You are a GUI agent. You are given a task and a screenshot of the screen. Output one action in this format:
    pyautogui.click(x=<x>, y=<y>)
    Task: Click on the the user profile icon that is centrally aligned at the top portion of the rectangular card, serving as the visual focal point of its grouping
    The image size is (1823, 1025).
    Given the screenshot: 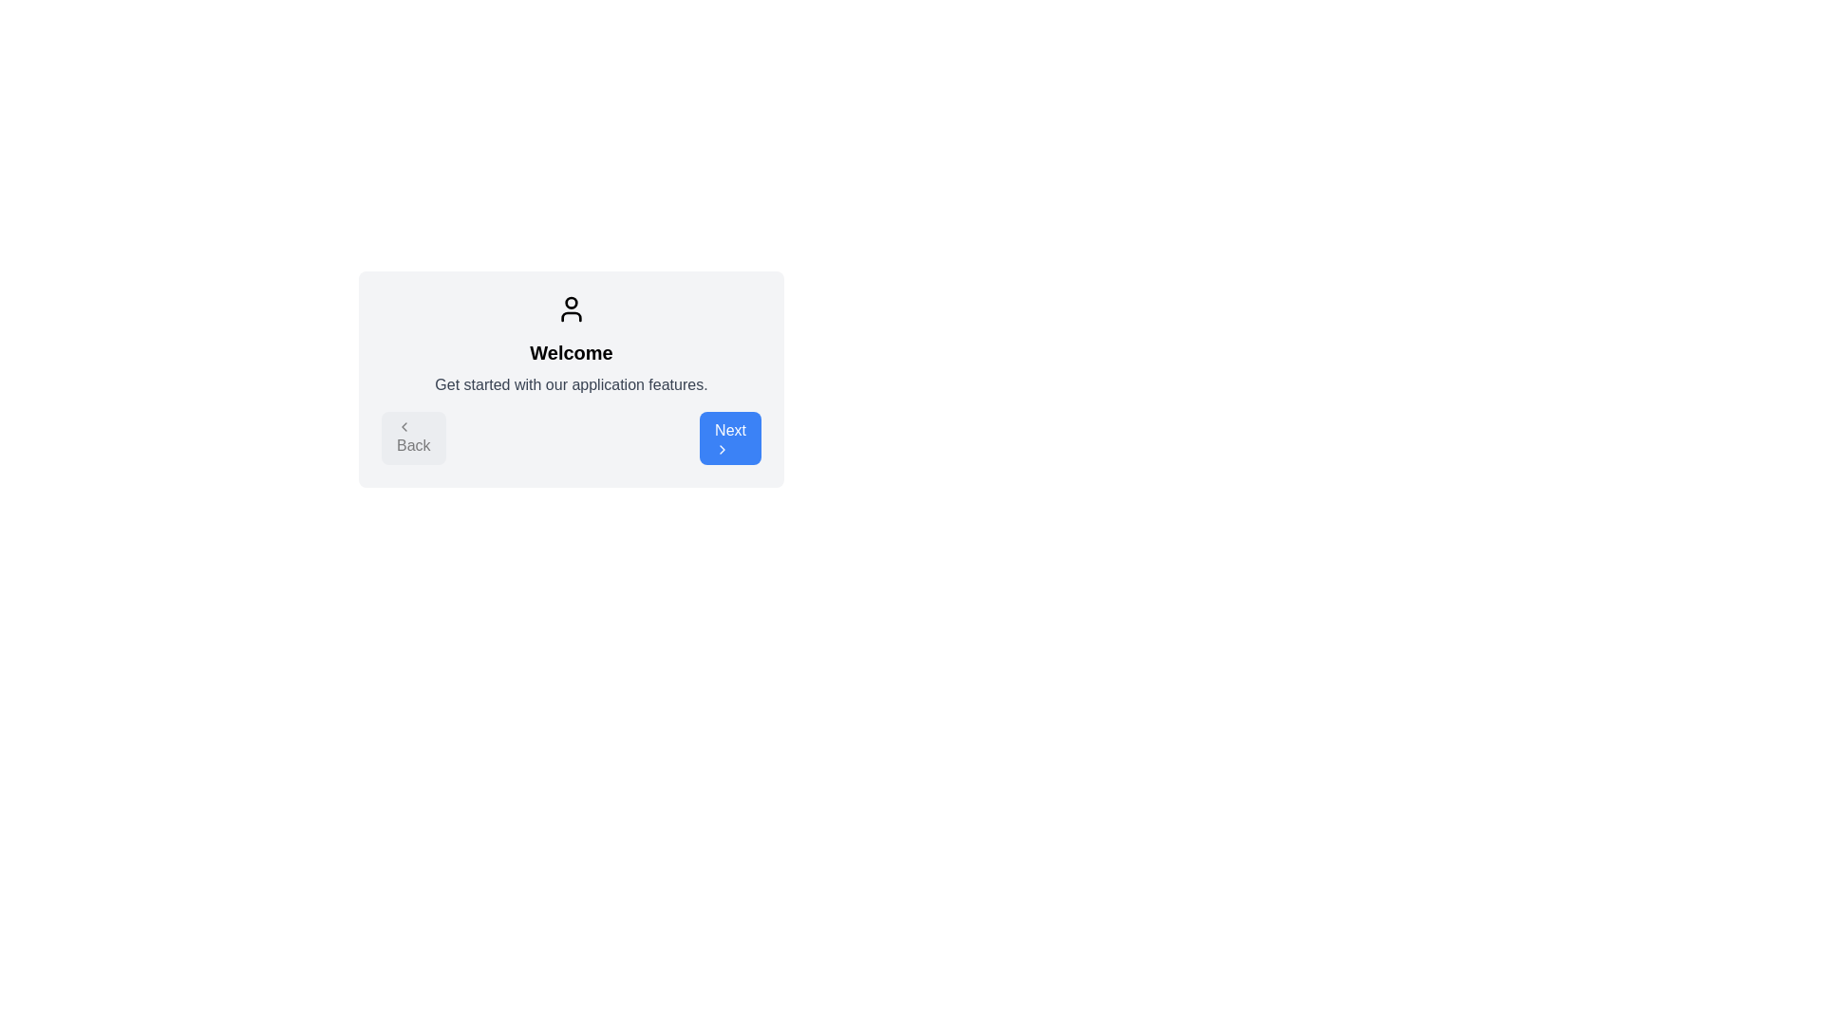 What is the action you would take?
    pyautogui.click(x=570, y=308)
    